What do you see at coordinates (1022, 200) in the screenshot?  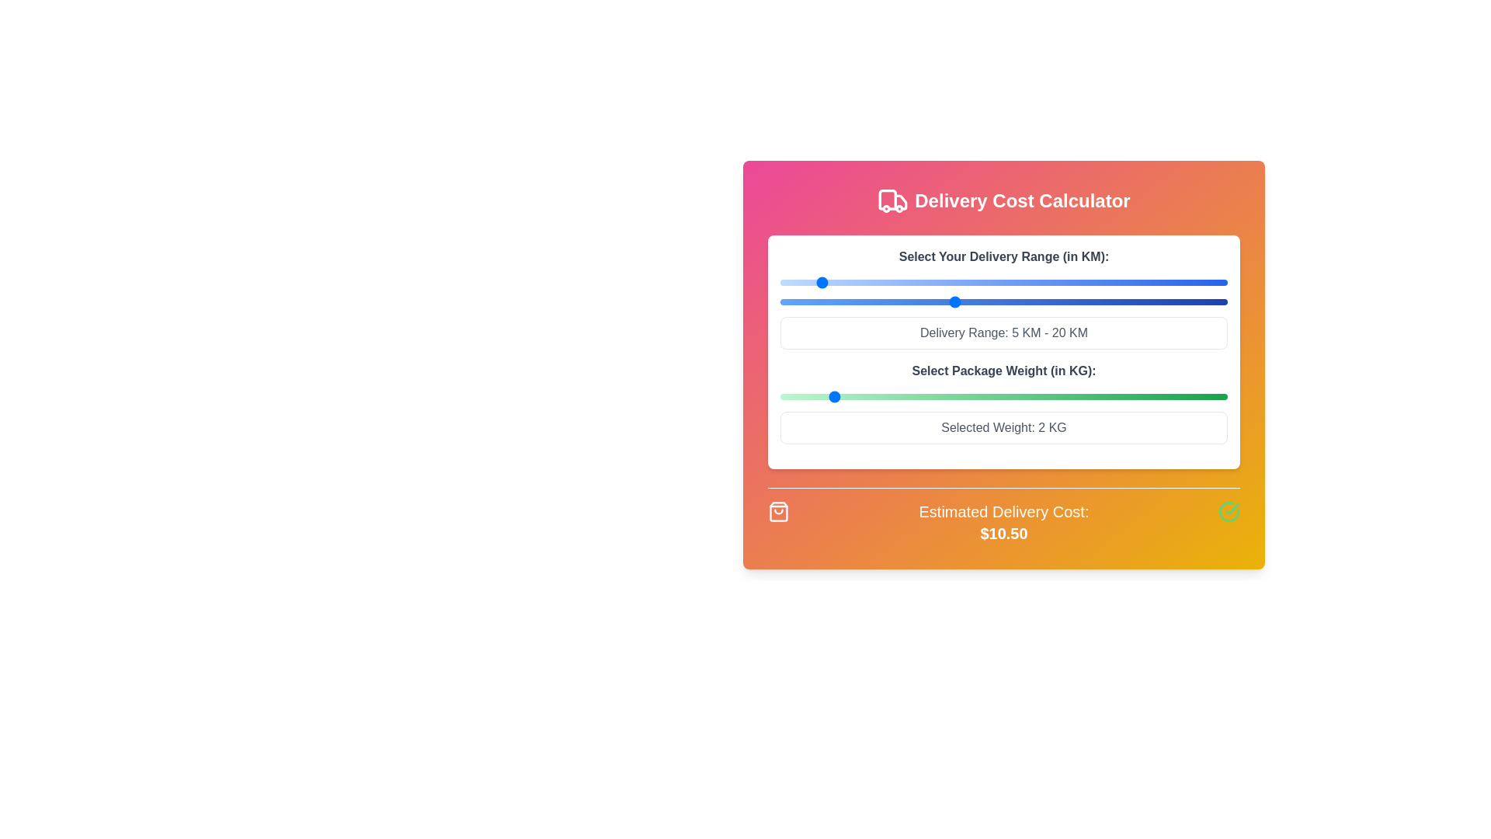 I see `the Text label that serves as a header for the delivery cost calculation section, positioned to the right of a truck icon` at bounding box center [1022, 200].